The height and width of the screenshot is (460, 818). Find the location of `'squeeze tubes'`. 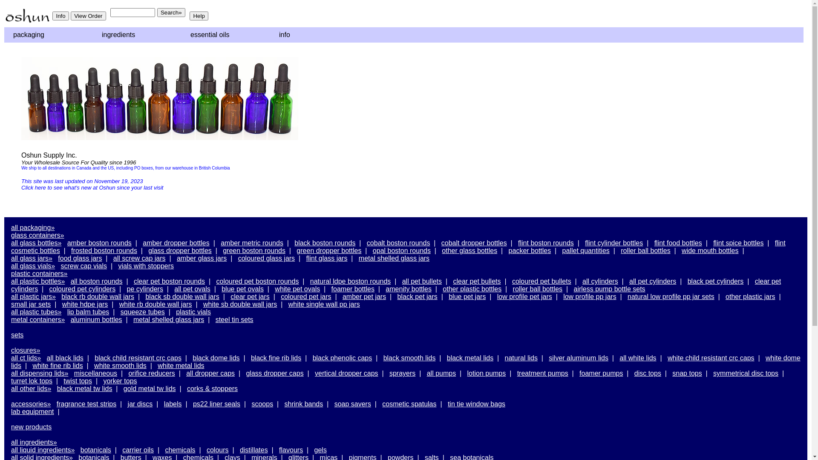

'squeeze tubes' is located at coordinates (143, 312).